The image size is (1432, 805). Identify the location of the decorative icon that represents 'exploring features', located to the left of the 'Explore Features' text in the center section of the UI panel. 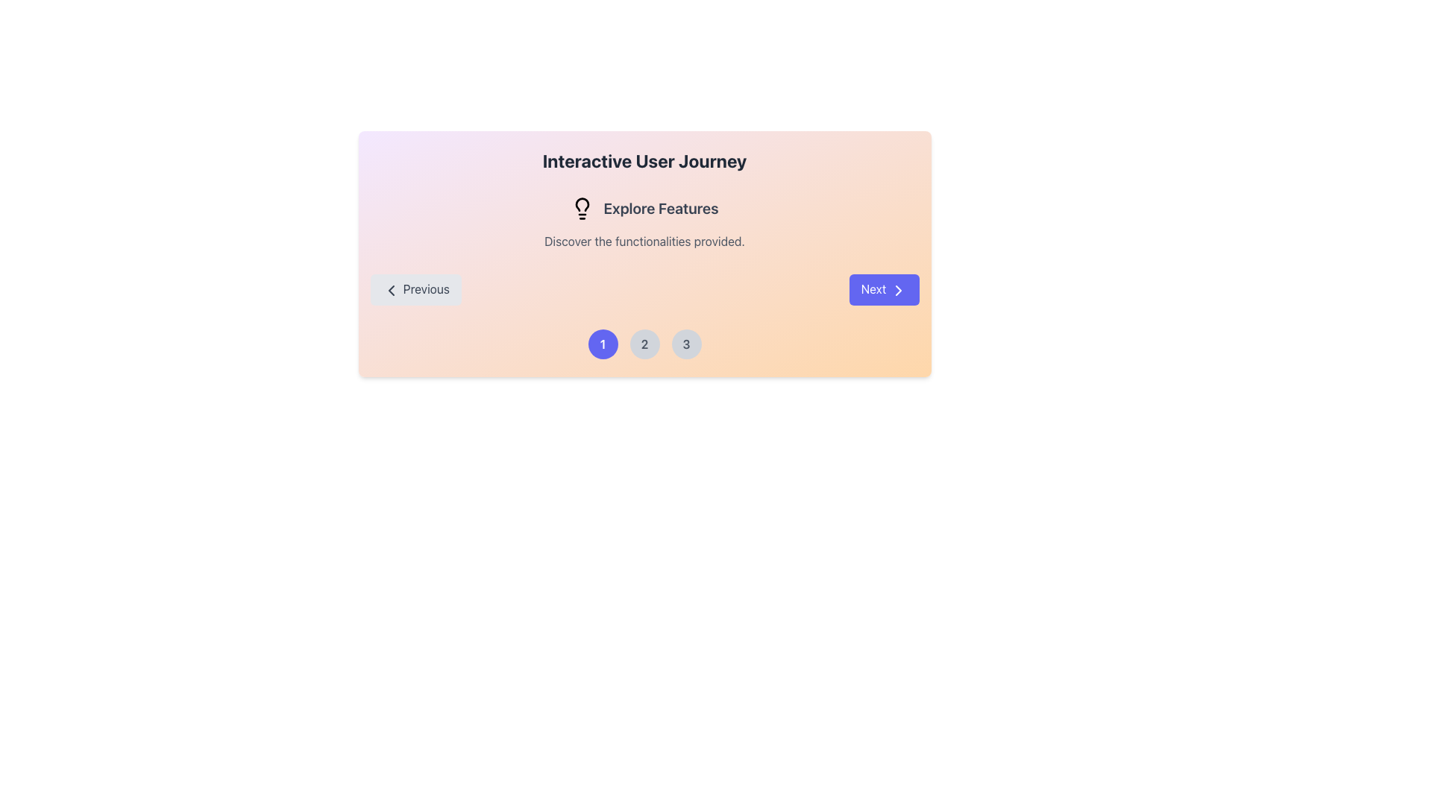
(582, 209).